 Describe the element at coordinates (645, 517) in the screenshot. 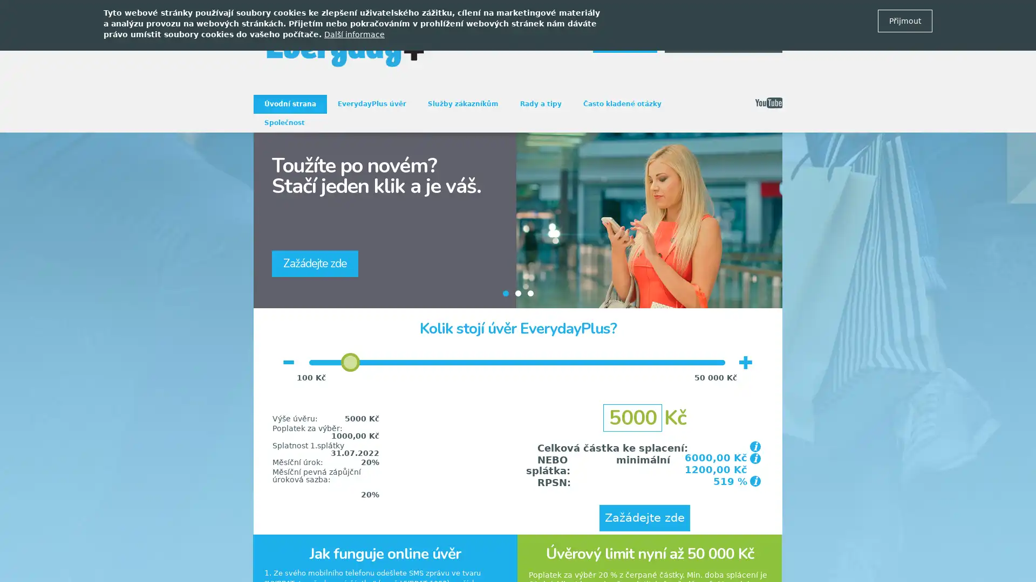

I see `Zazadejte zde` at that location.